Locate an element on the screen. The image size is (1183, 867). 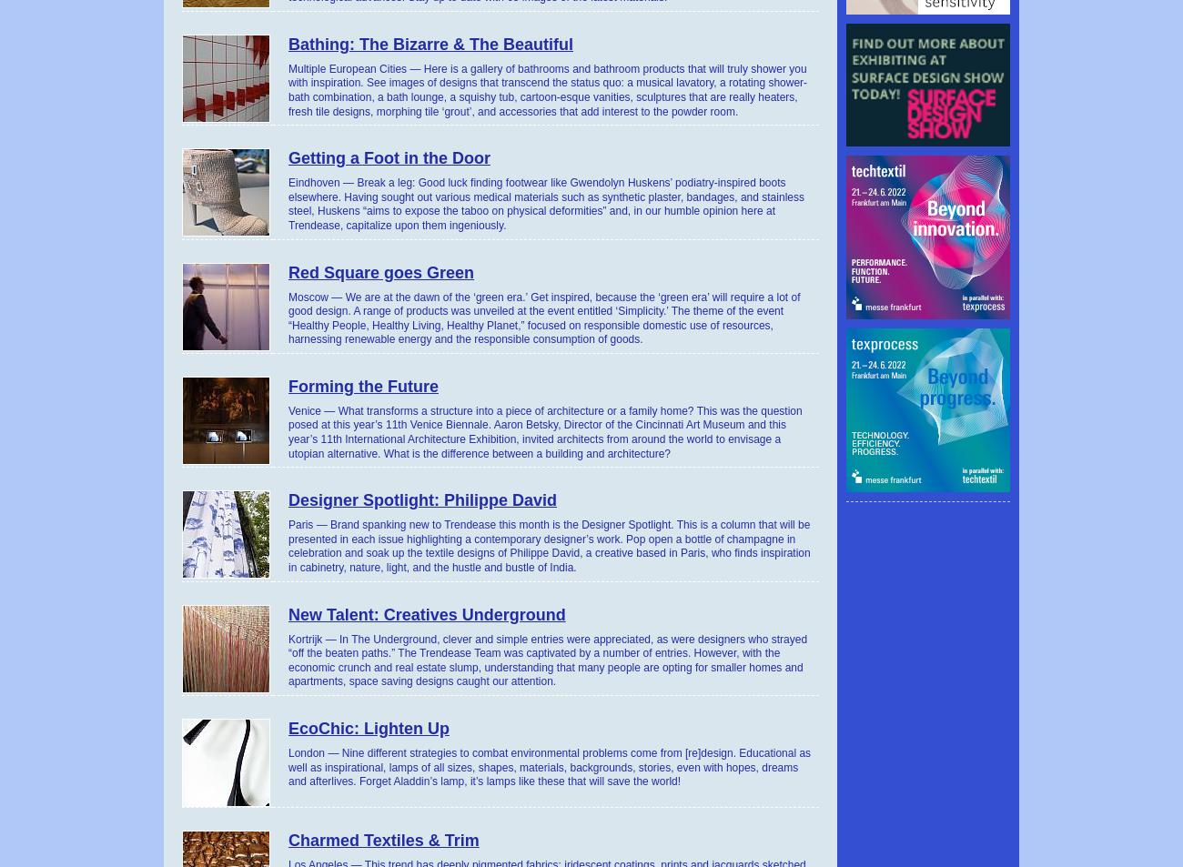
'Kortrijk                                                         — In The Underground, clever and simple entries were appreciated, as were designers who strayed “off the beaten paths.”  The Trendease Team was captivated by a number of entries.  However, with the economic crunch and real estate slump, understanding that many people are opting for smaller homes and apartments, space saving designs caught our attention.' is located at coordinates (548, 660).